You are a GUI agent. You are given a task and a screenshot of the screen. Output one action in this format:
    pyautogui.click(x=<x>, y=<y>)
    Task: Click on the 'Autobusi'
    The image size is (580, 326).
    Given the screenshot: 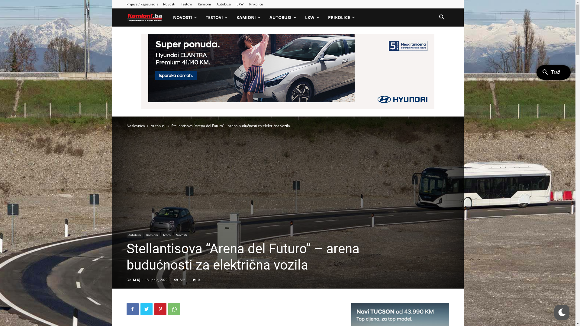 What is the action you would take?
    pyautogui.click(x=158, y=125)
    